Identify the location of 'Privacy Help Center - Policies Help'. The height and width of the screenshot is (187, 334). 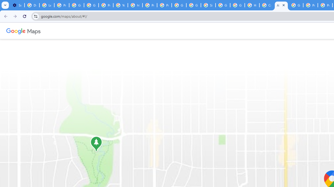
(150, 5).